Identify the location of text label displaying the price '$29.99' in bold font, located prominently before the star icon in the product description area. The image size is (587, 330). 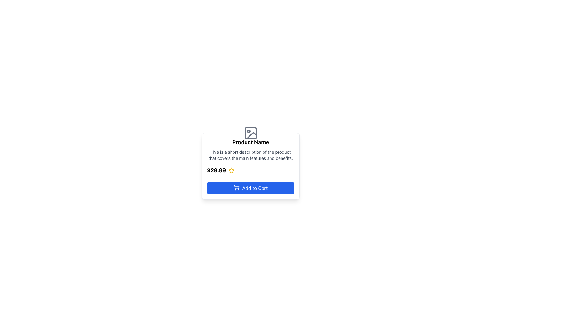
(216, 170).